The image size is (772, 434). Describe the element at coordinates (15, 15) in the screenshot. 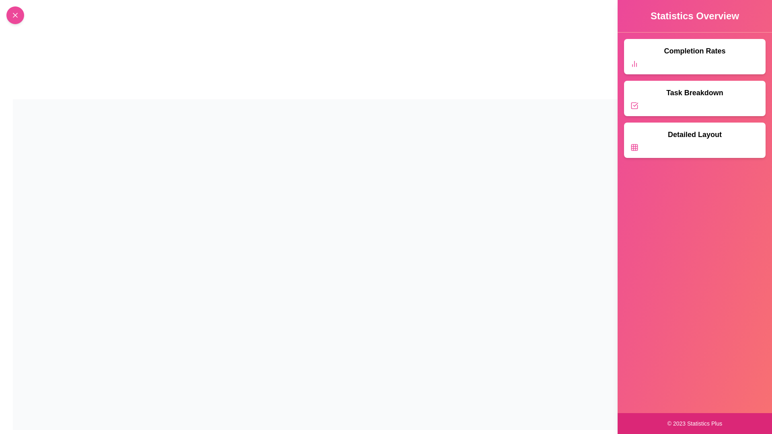

I see `button at the top-left corner of the screen to toggle the drawer` at that location.